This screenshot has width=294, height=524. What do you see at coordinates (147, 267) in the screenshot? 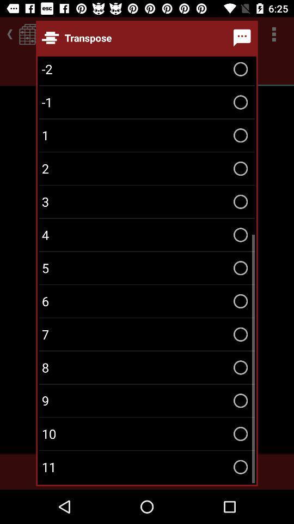
I see `5 icon` at bounding box center [147, 267].